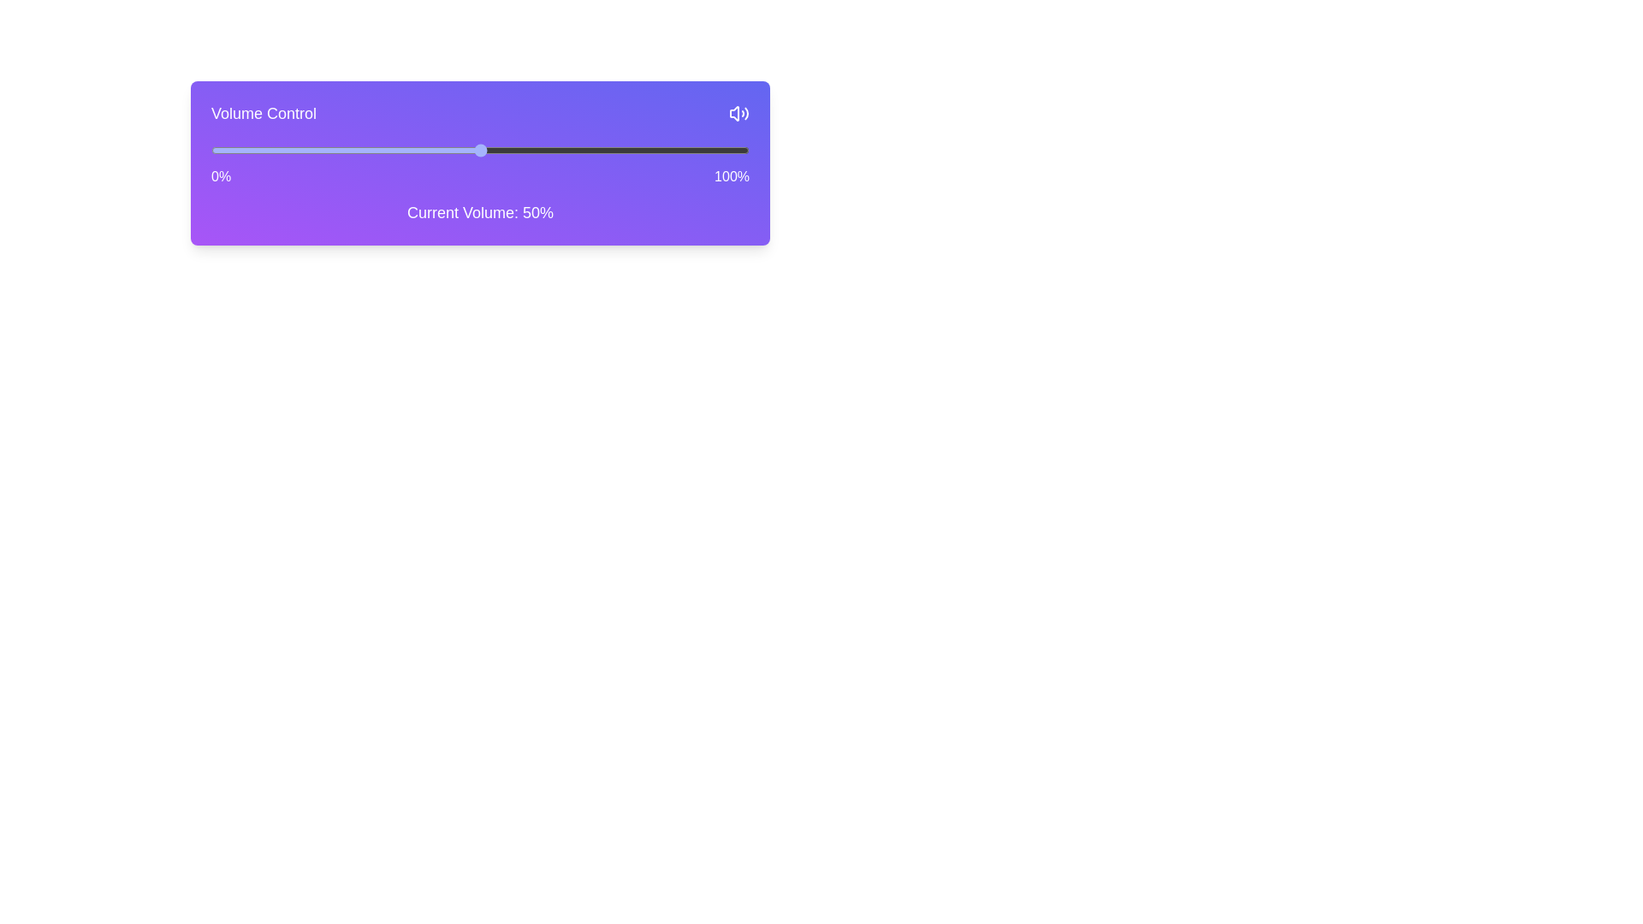 This screenshot has height=924, width=1643. Describe the element at coordinates (739, 113) in the screenshot. I see `the SVG Icon representing the volume control` at that location.